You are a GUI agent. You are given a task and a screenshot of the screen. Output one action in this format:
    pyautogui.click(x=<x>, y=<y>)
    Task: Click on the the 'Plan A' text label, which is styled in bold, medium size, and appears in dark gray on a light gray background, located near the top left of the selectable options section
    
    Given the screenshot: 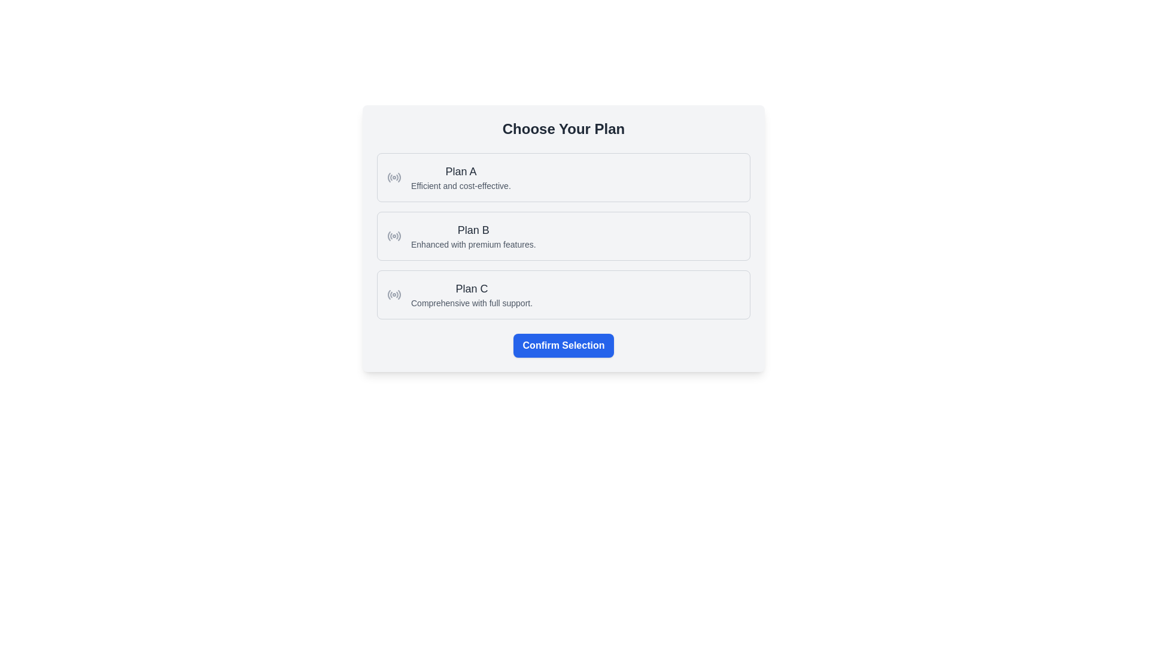 What is the action you would take?
    pyautogui.click(x=460, y=171)
    